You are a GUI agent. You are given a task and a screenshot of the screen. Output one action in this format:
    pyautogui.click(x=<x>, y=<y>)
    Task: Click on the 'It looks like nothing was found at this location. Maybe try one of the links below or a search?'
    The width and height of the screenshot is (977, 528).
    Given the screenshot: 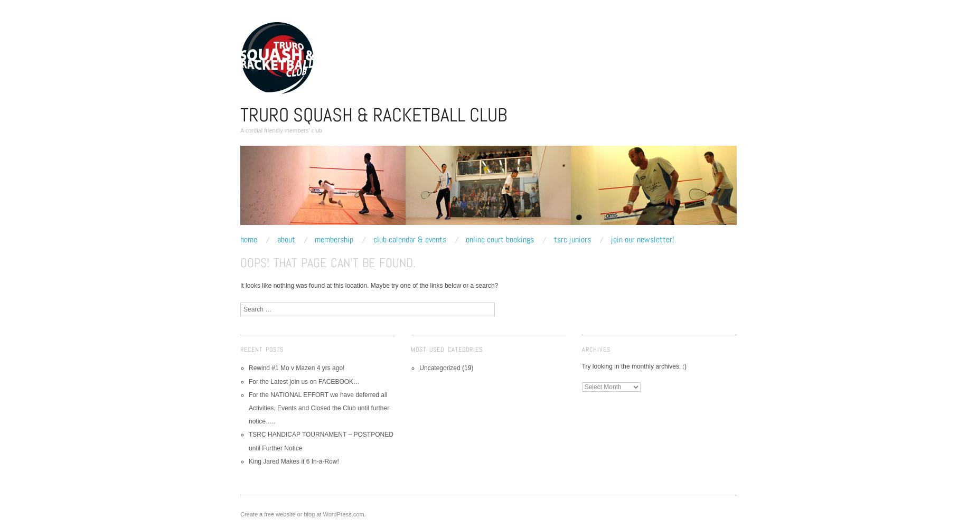 What is the action you would take?
    pyautogui.click(x=369, y=285)
    